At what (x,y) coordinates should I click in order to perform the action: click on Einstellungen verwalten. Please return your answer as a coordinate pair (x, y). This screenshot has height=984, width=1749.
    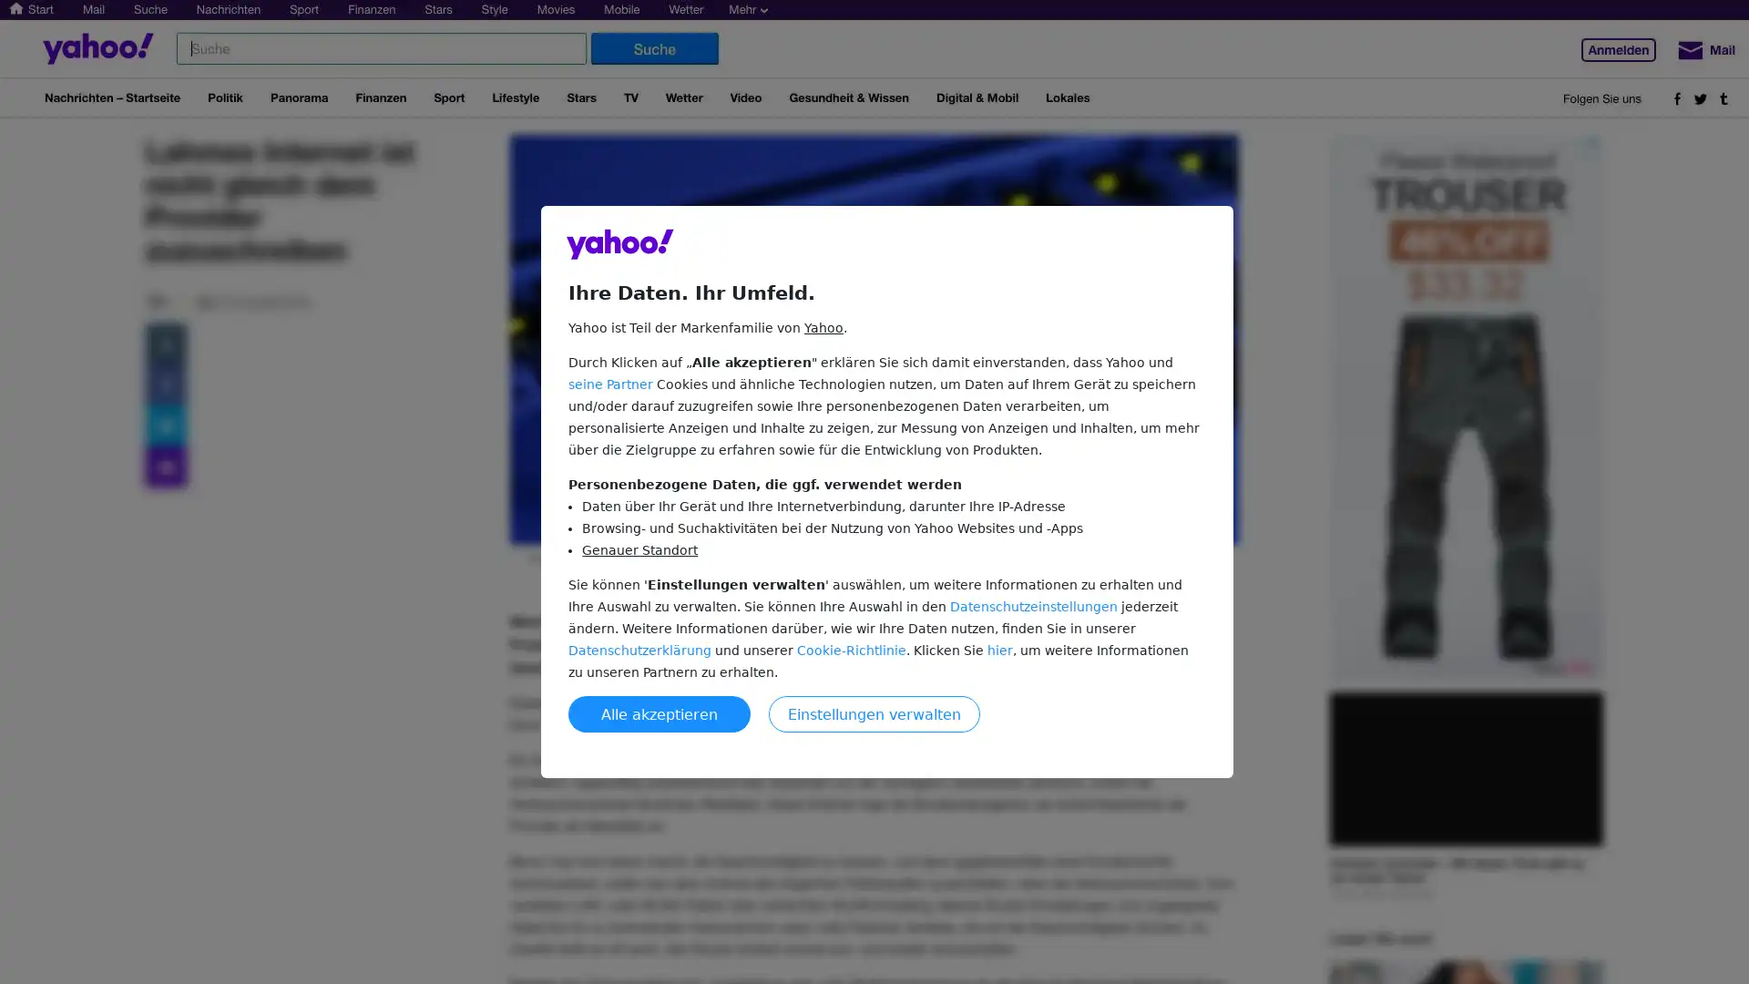
    Looking at the image, I should click on (874, 712).